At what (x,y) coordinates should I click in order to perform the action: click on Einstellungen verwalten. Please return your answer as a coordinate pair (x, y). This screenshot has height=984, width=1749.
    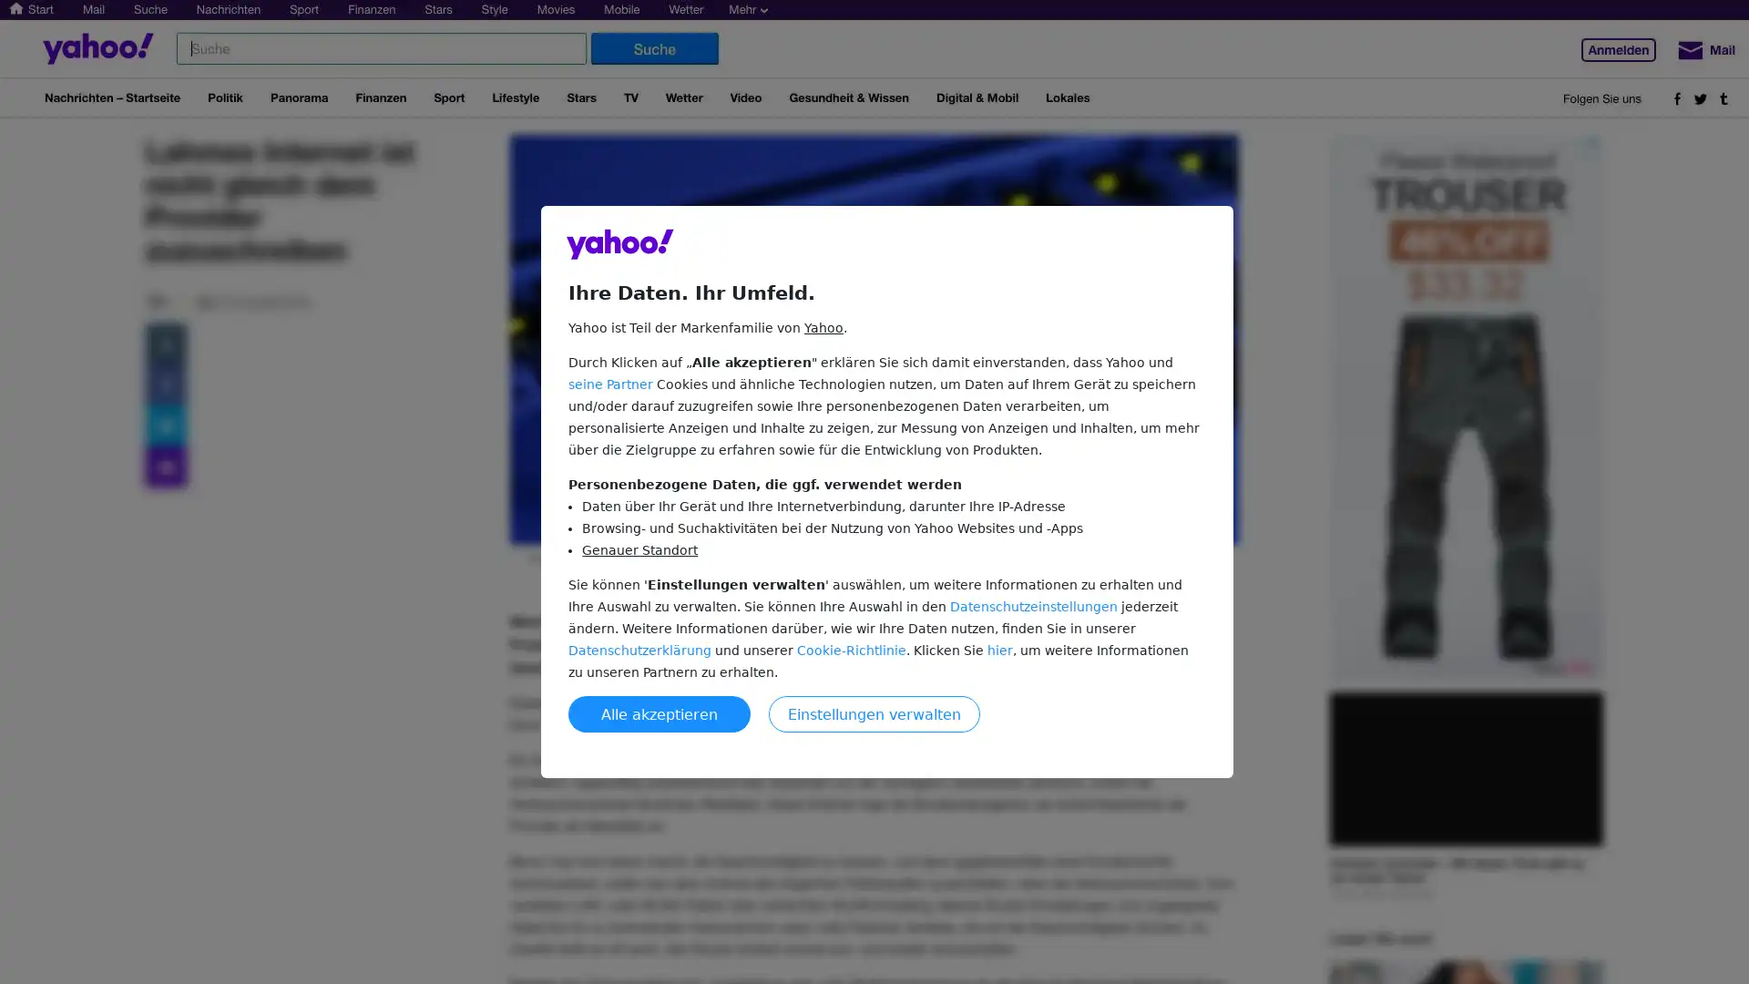
    Looking at the image, I should click on (874, 712).